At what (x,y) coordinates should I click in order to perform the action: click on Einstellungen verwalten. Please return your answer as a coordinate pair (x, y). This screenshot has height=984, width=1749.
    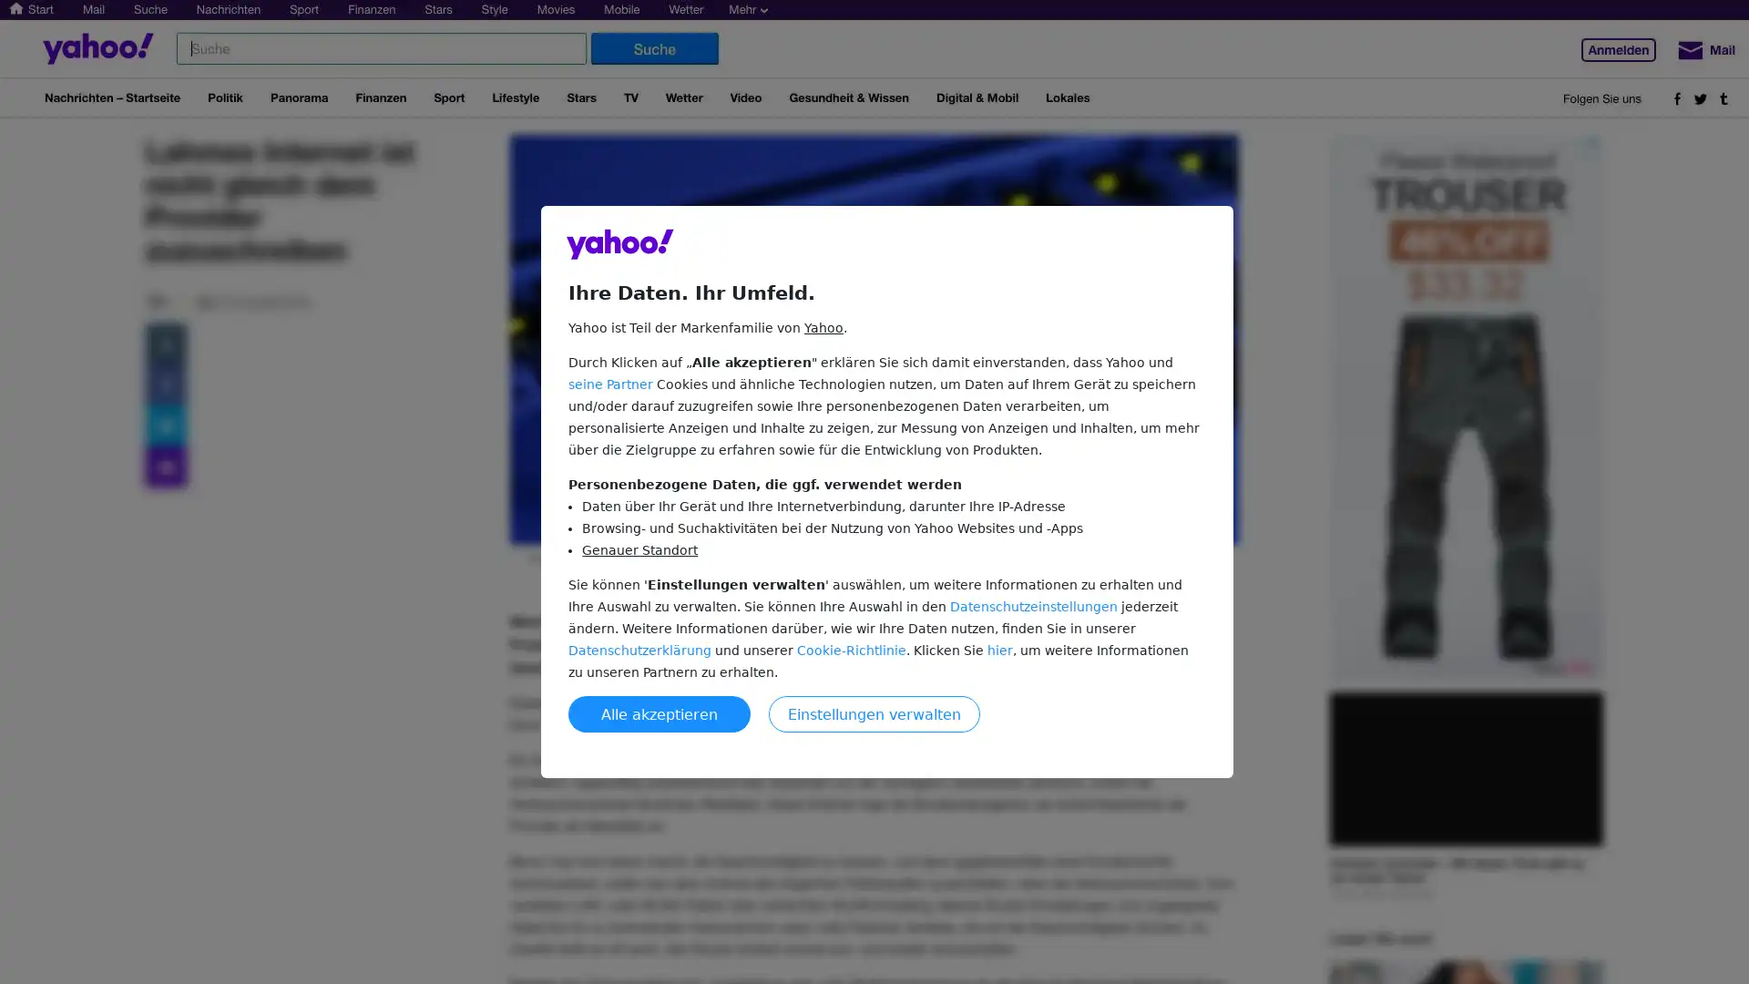
    Looking at the image, I should click on (874, 712).